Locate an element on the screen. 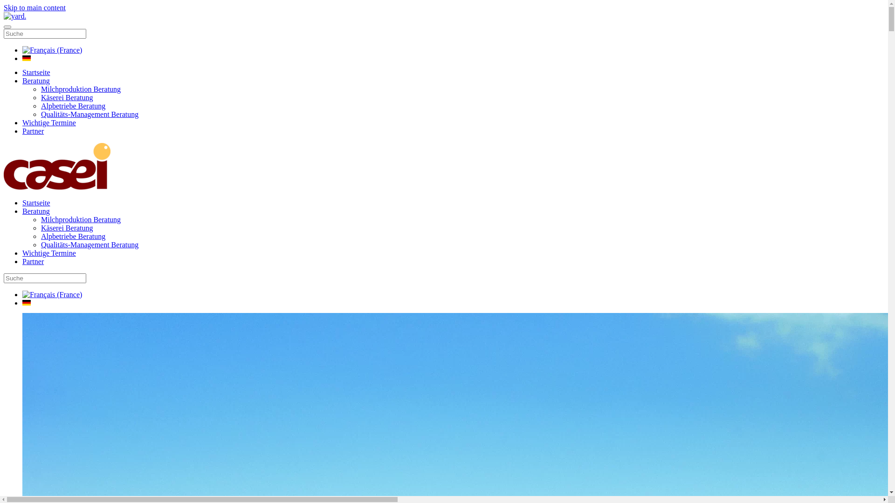  'Alpbetriebe Beratung' is located at coordinates (73, 236).